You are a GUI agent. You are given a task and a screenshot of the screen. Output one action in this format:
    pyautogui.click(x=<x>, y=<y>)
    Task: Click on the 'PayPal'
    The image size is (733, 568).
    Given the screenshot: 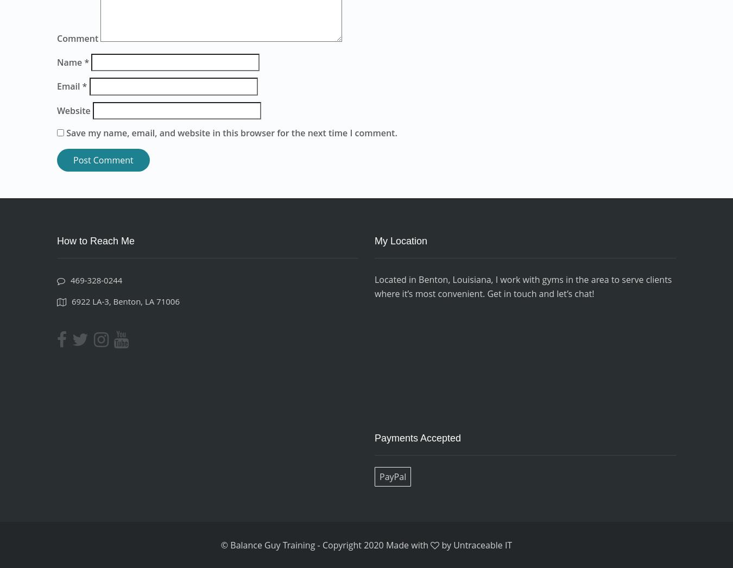 What is the action you would take?
    pyautogui.click(x=392, y=476)
    